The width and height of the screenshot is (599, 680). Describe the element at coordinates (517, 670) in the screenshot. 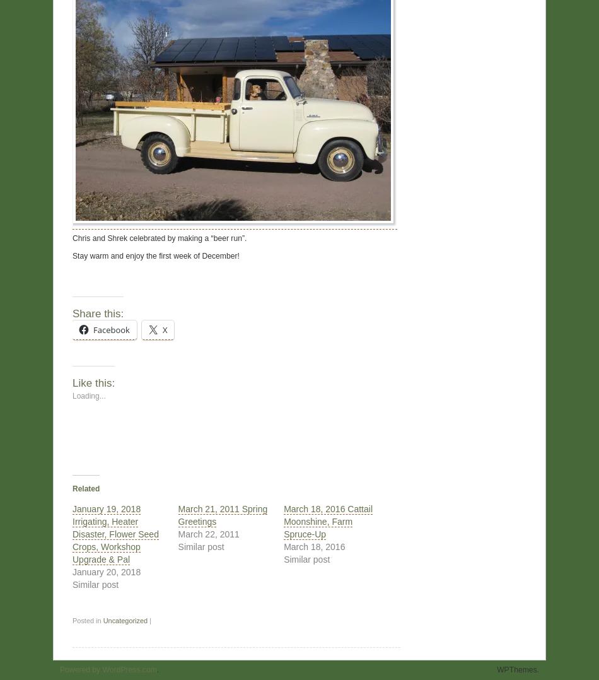

I see `'WPThemes.'` at that location.